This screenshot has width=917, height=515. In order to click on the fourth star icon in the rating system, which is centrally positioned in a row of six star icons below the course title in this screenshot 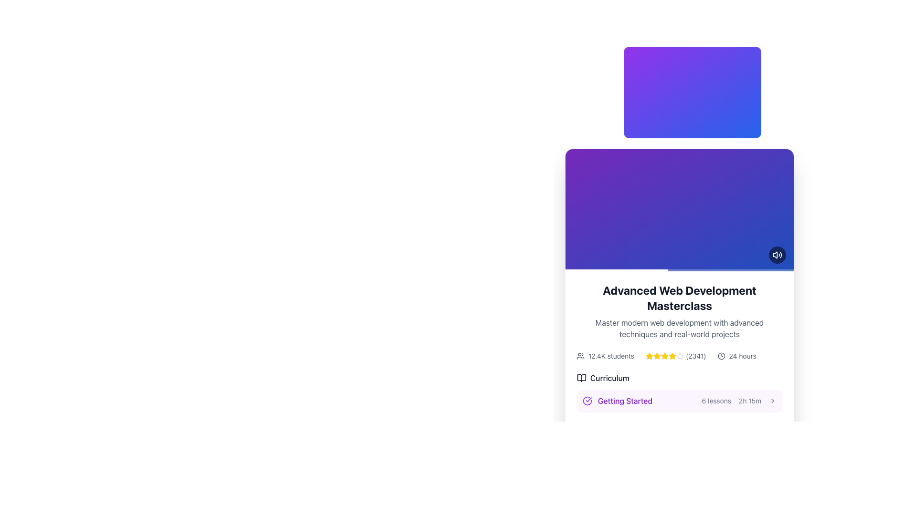, I will do `click(664, 356)`.